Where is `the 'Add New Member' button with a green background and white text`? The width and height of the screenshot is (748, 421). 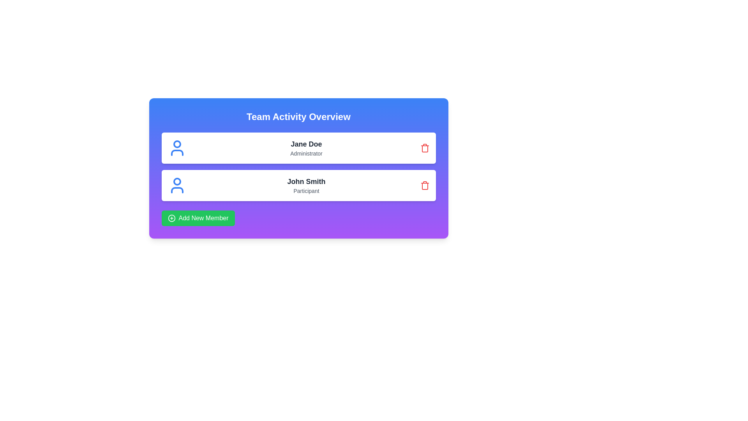 the 'Add New Member' button with a green background and white text is located at coordinates (198, 218).